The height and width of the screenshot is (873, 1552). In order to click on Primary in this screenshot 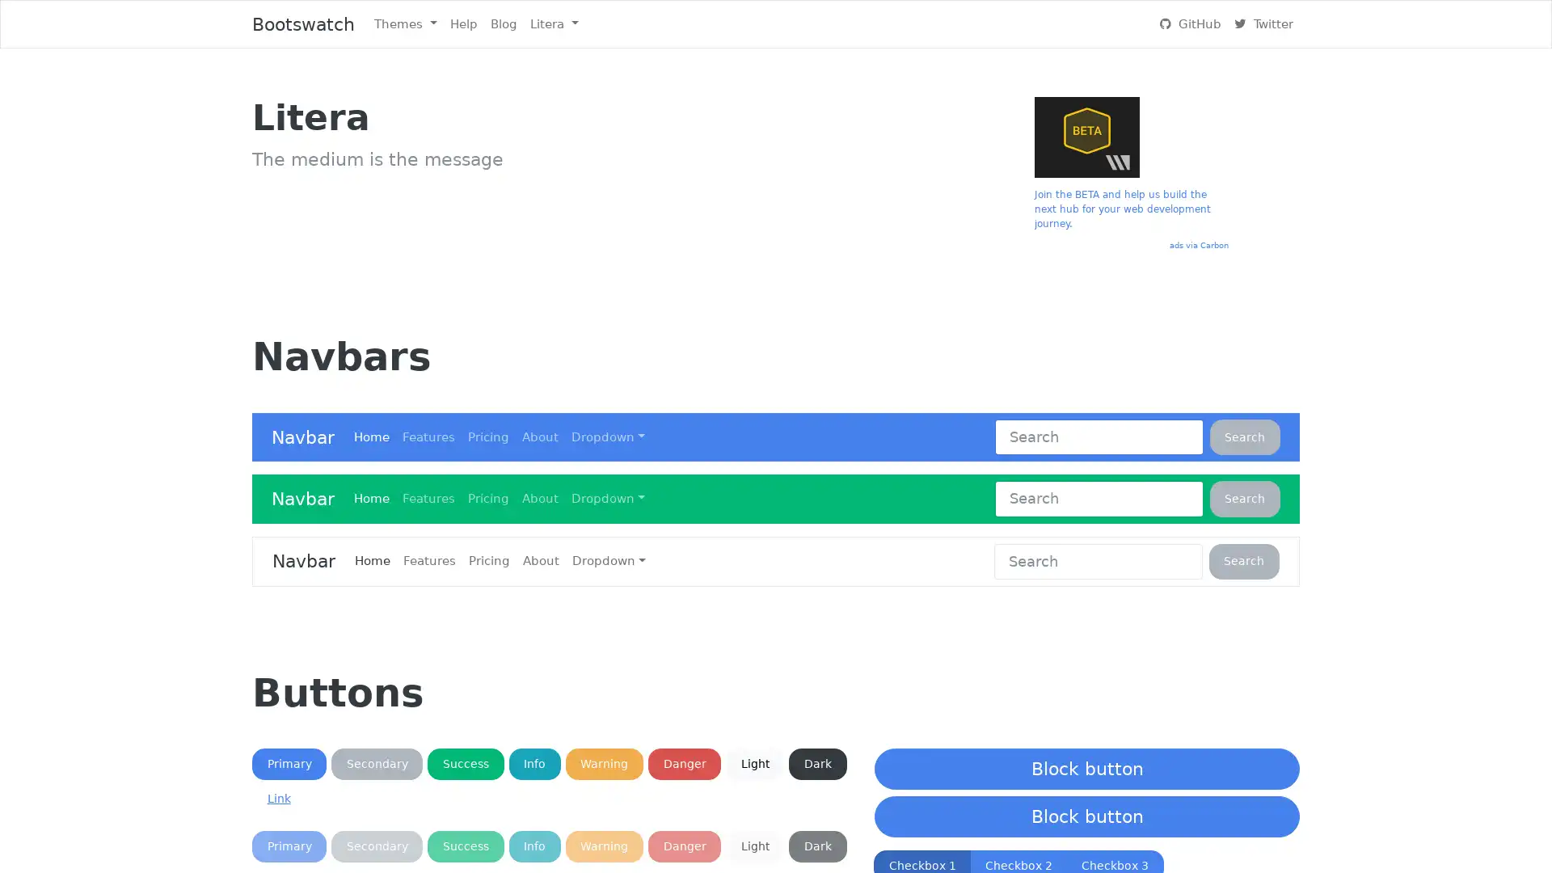, I will do `click(289, 846)`.